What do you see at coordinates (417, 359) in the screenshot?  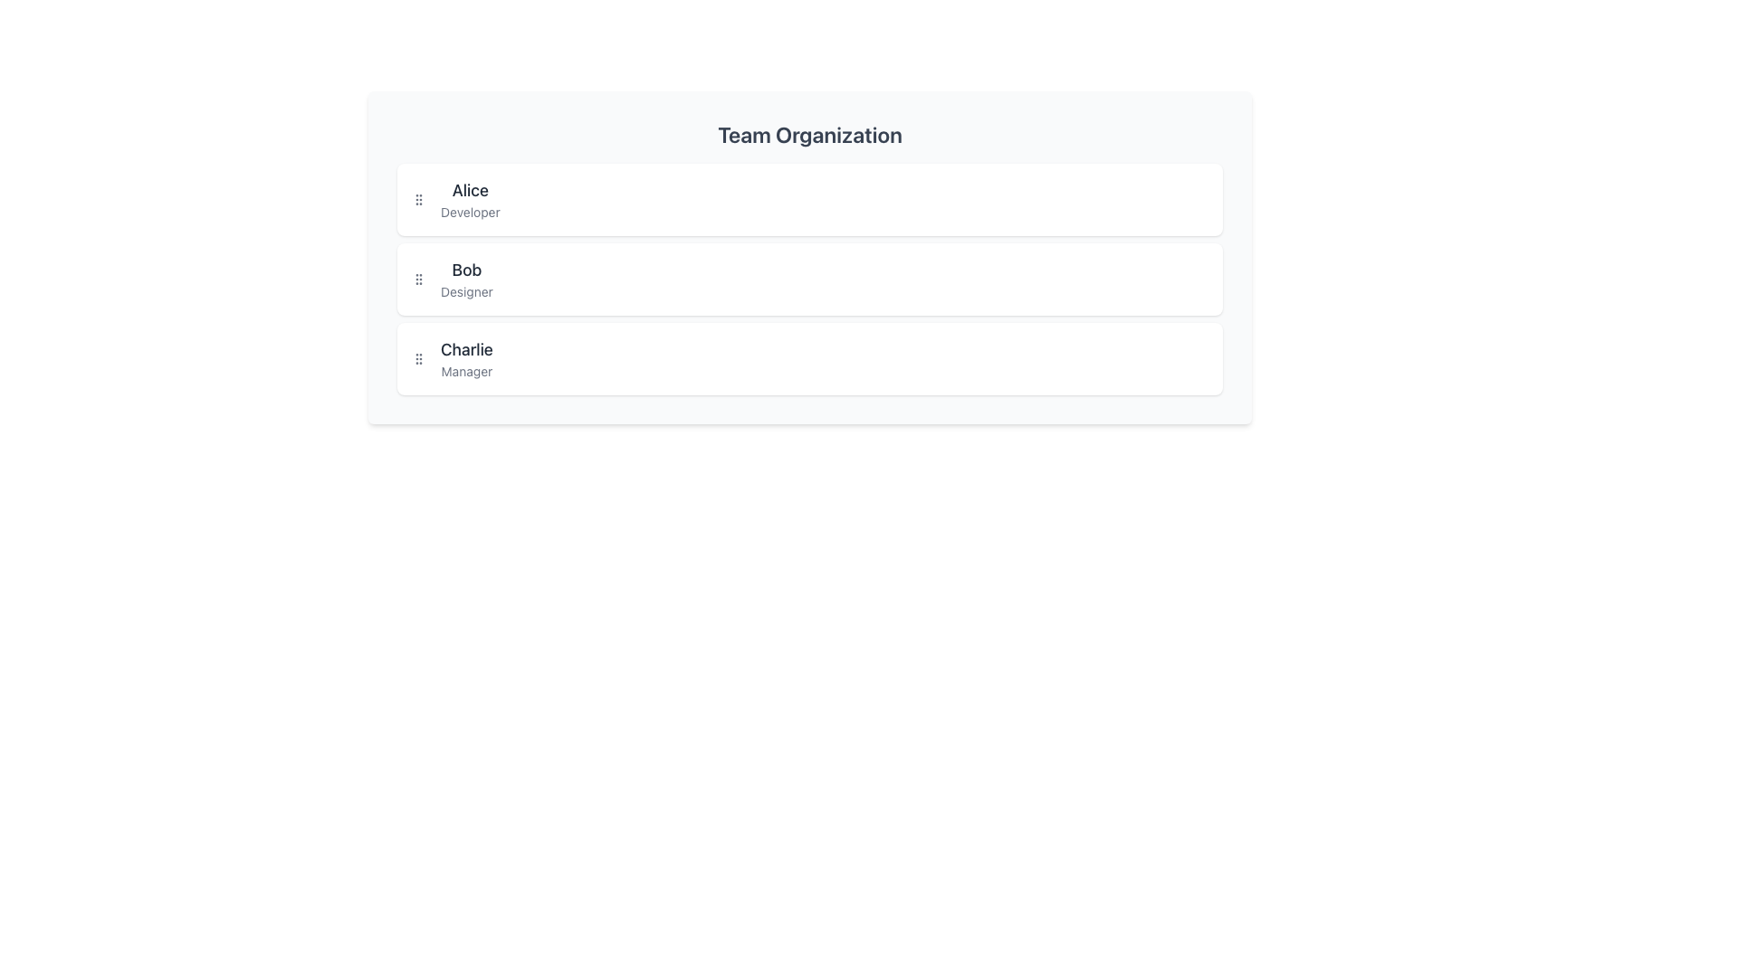 I see `the vertical drag handle icon consisting of two columns of small grey circles, located to the left of the username text for 'Charlie, Manager'` at bounding box center [417, 359].